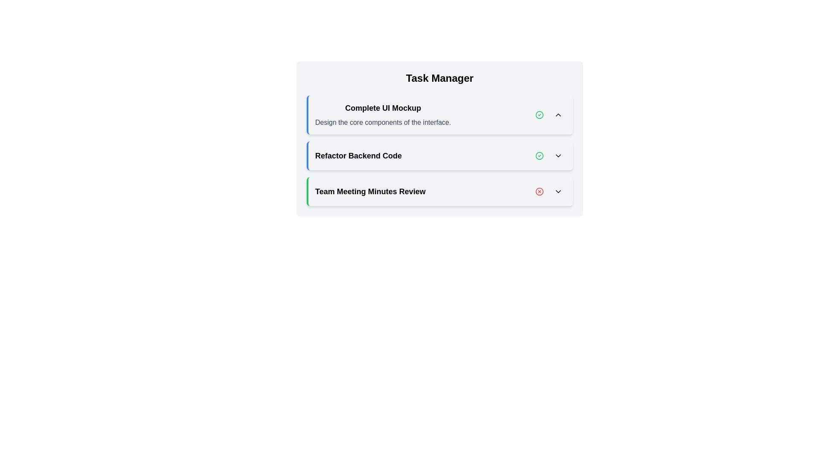  Describe the element at coordinates (358, 156) in the screenshot. I see `the text label displaying 'Refactor Backend Code' which is part of a task list interface, positioned between 'Complete UI Mockup' and 'Team Meeting Minutes Review'` at that location.